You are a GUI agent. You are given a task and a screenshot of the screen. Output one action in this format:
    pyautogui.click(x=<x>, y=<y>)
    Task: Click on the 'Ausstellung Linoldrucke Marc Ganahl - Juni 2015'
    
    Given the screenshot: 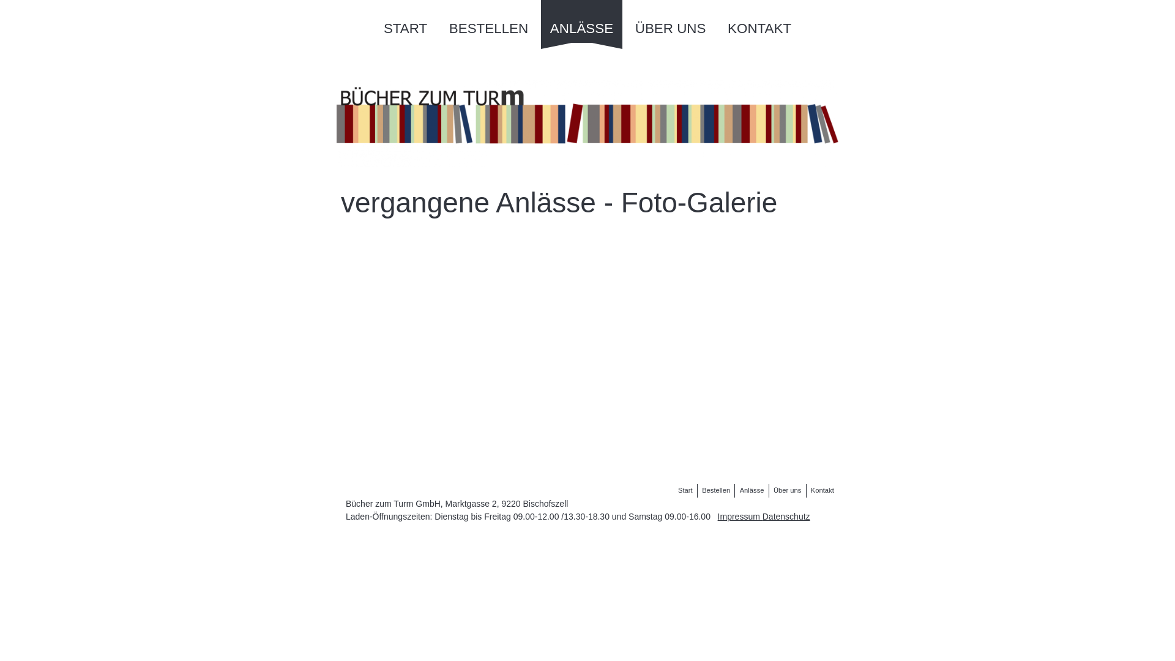 What is the action you would take?
    pyautogui.click(x=540, y=379)
    